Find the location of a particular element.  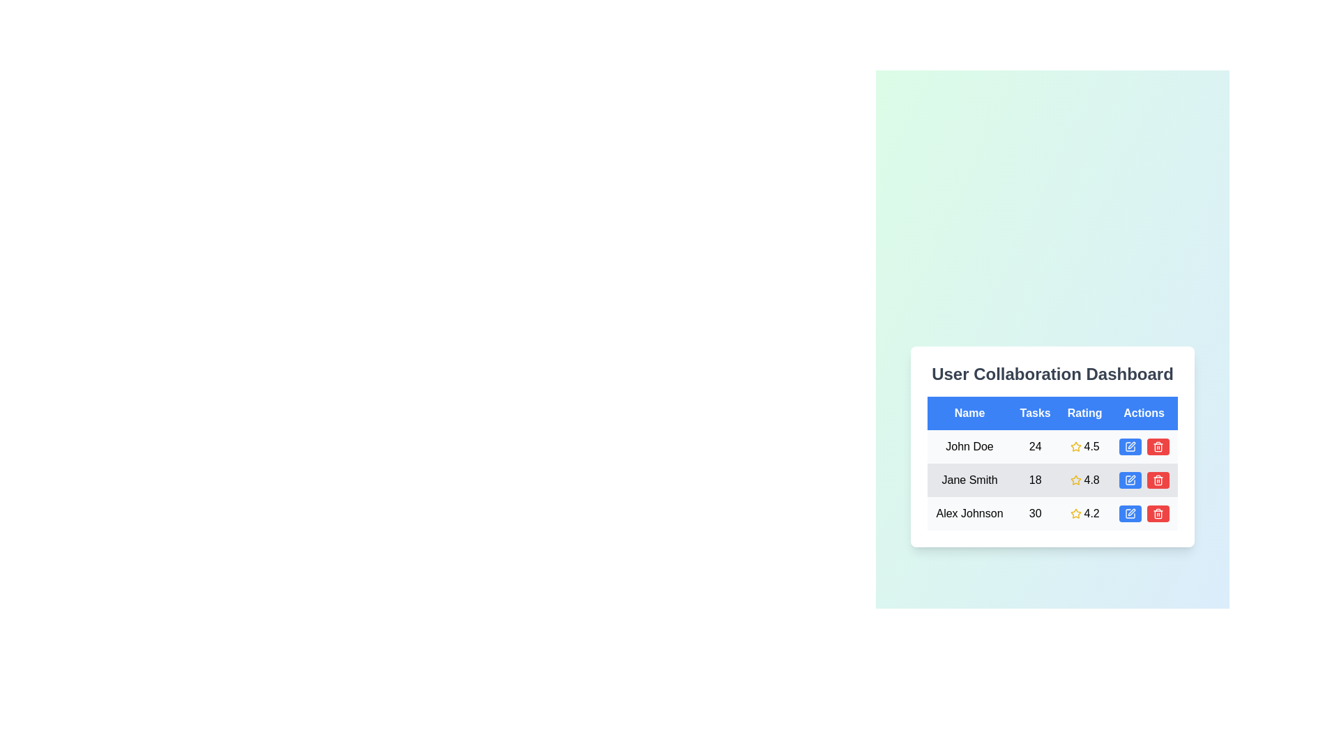

the pen-shaped icon button located in the 'Actions' column for 'Jane Smith' is located at coordinates (1131, 446).